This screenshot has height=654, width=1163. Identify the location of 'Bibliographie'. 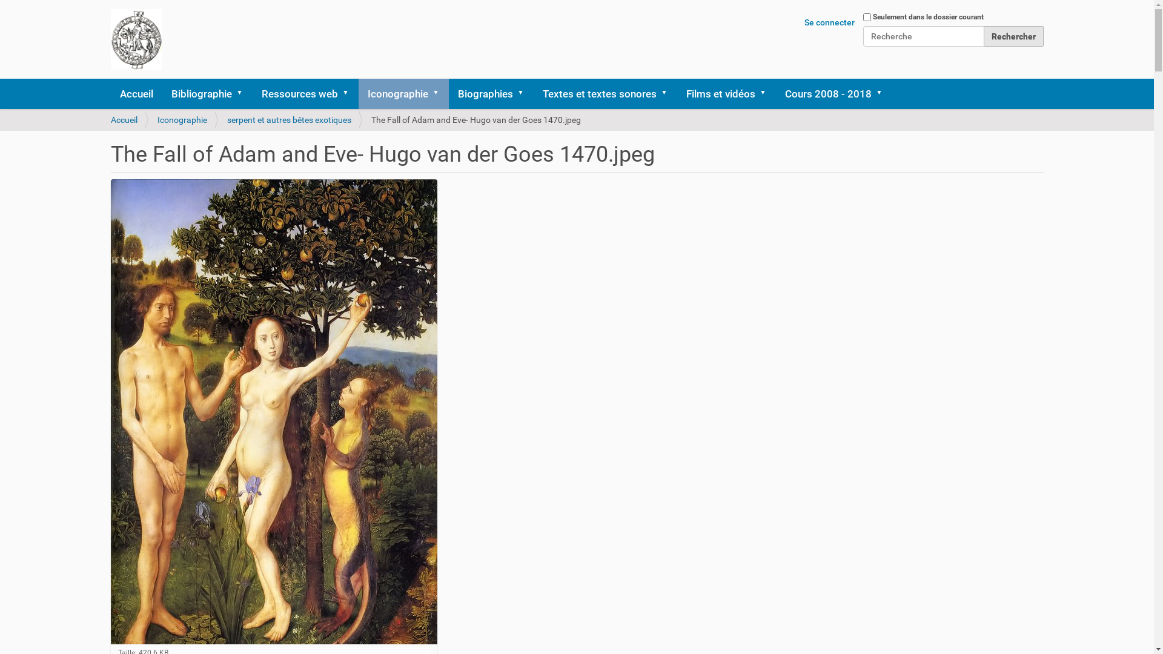
(207, 93).